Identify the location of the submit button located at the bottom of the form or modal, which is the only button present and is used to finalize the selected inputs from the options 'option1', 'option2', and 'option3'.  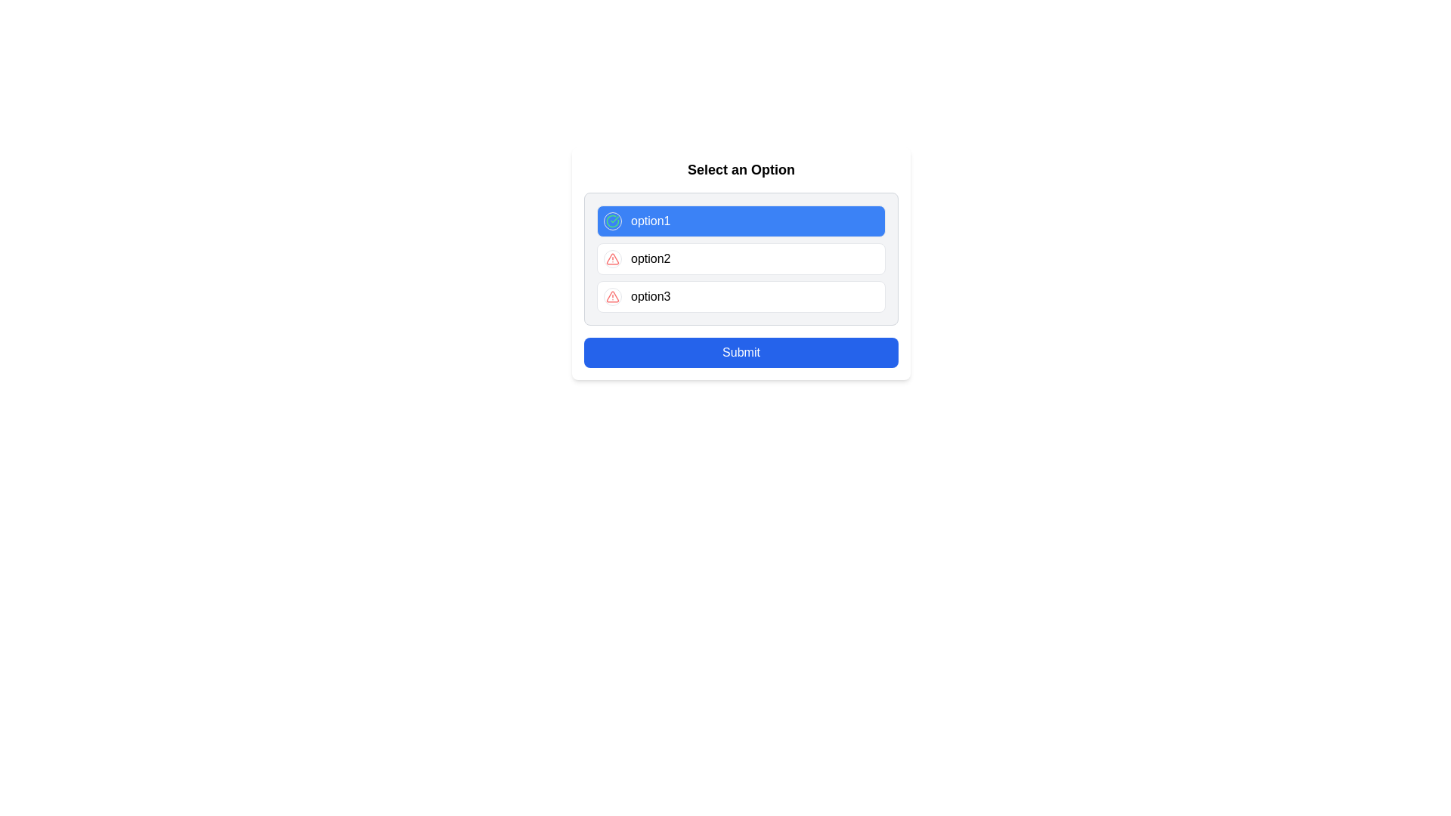
(741, 352).